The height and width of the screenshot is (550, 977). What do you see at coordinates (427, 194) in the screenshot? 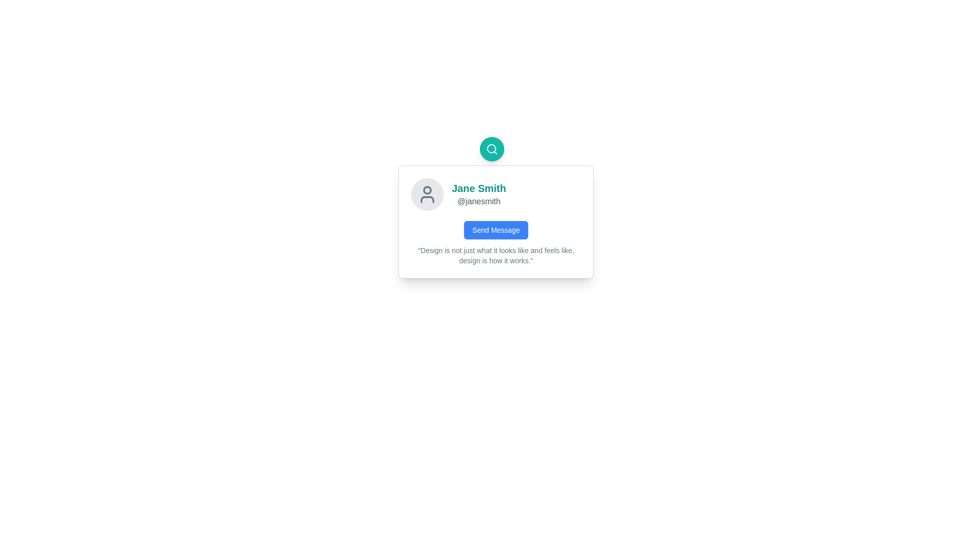
I see `the avatar icon representing the user profile for 'Jane Smith', which is a minimalistic gray human figure icon located at the top-left corner of the user profile card` at bounding box center [427, 194].